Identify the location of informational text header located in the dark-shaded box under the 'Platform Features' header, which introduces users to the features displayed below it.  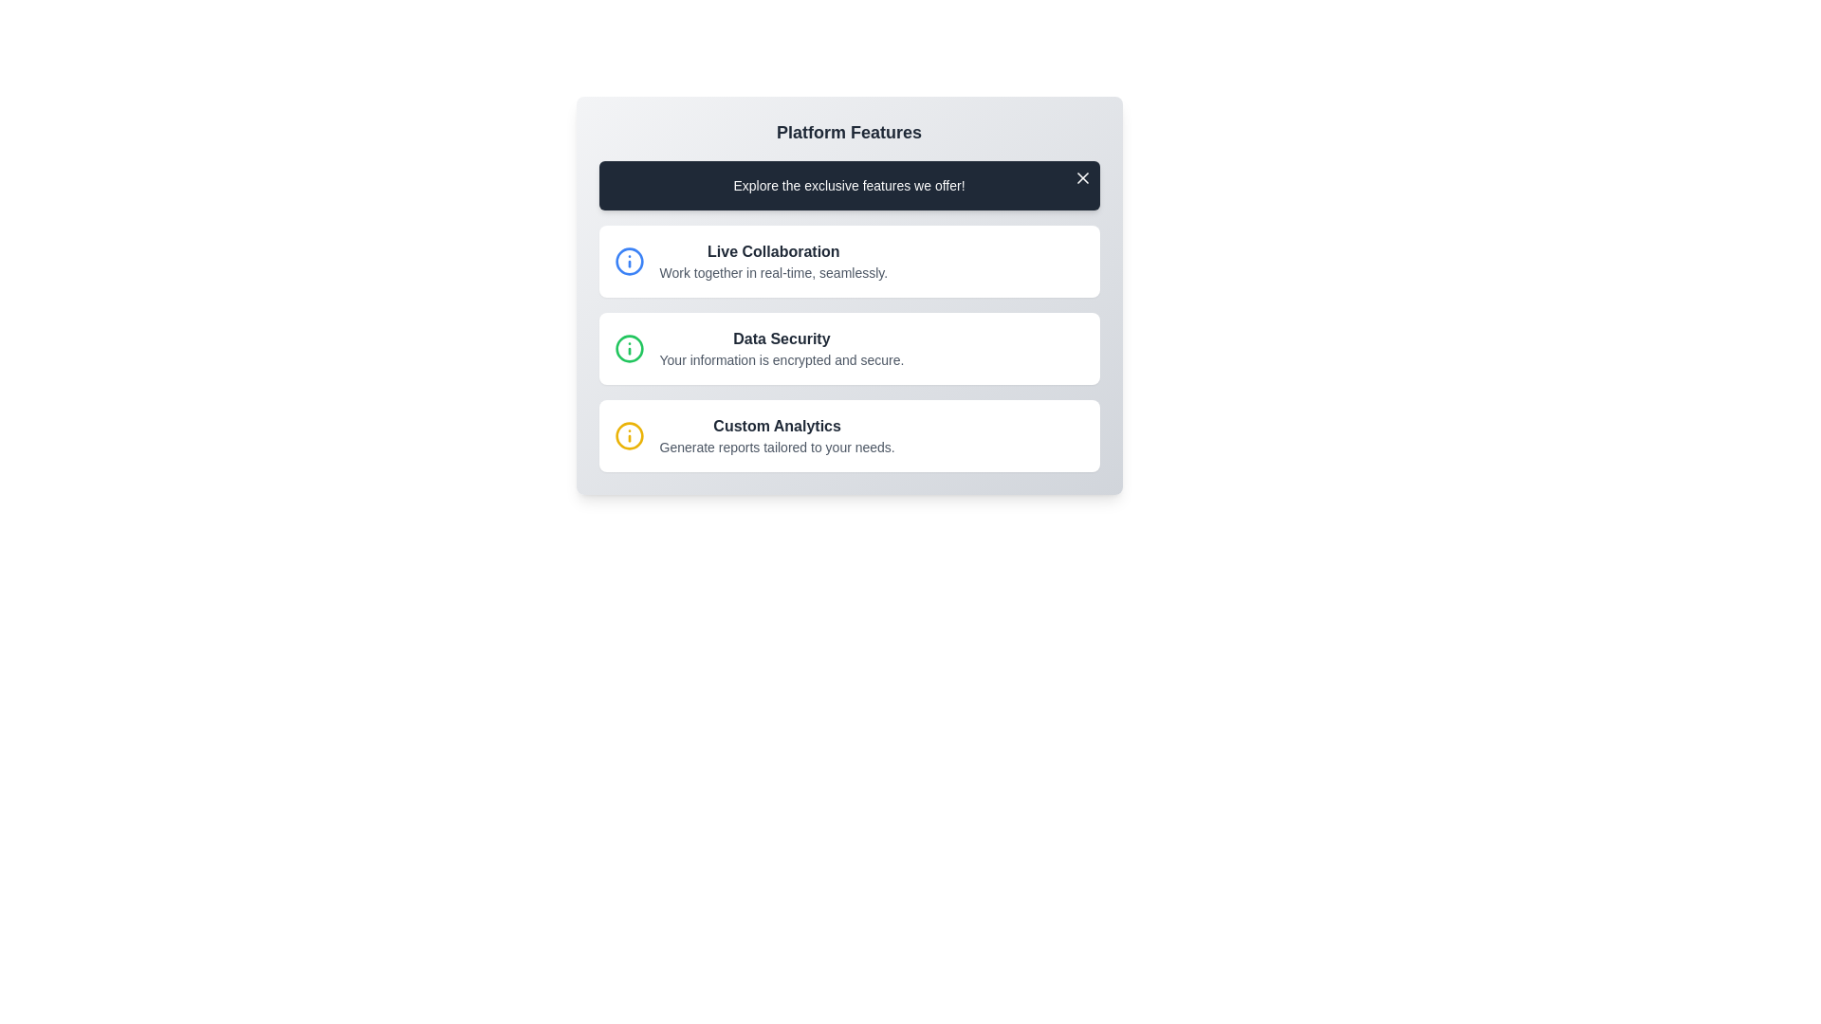
(848, 186).